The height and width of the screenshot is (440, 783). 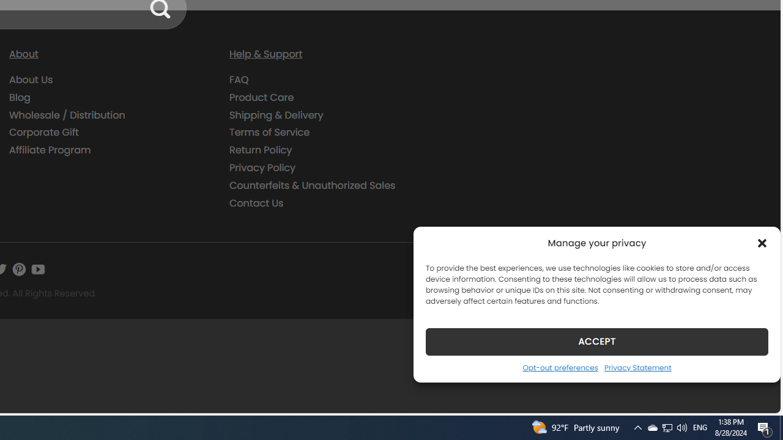 What do you see at coordinates (330, 97) in the screenshot?
I see `'Product Care'` at bounding box center [330, 97].